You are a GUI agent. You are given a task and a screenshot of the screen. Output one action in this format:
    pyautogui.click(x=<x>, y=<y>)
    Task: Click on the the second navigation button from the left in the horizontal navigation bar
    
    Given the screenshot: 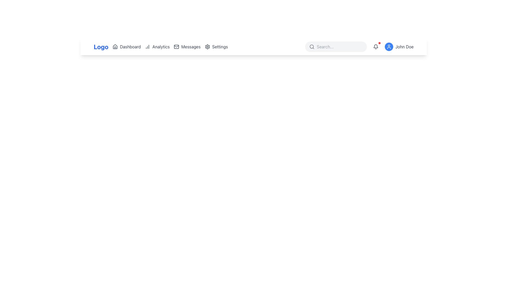 What is the action you would take?
    pyautogui.click(x=157, y=46)
    